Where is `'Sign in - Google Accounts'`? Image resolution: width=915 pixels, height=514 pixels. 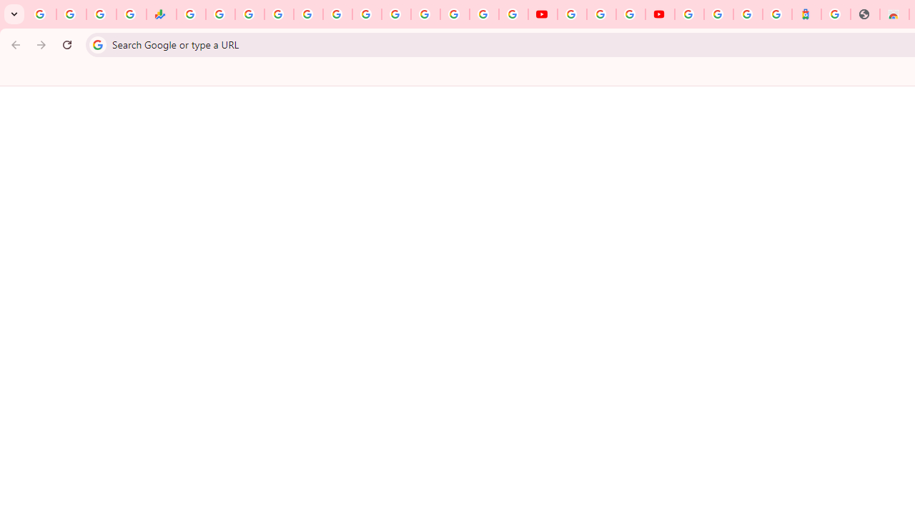
'Sign in - Google Accounts' is located at coordinates (689, 14).